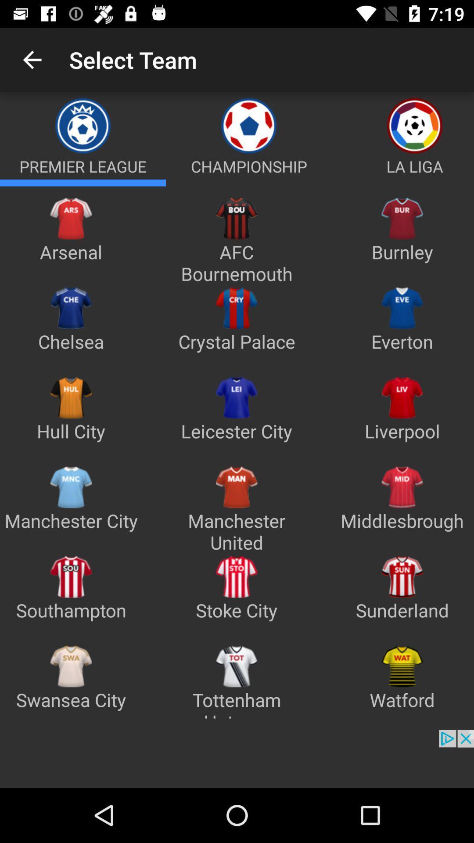  What do you see at coordinates (403, 182) in the screenshot?
I see `share the article` at bounding box center [403, 182].